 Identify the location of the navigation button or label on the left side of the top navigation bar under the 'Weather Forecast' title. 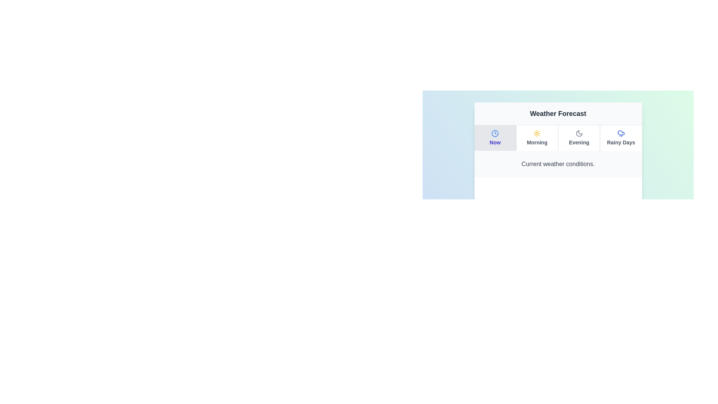
(495, 138).